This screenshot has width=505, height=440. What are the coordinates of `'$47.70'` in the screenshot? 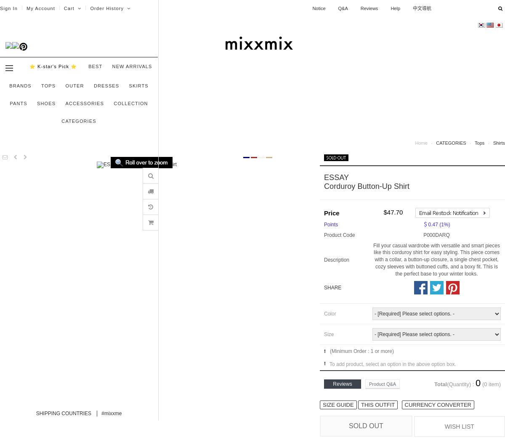 It's located at (393, 212).